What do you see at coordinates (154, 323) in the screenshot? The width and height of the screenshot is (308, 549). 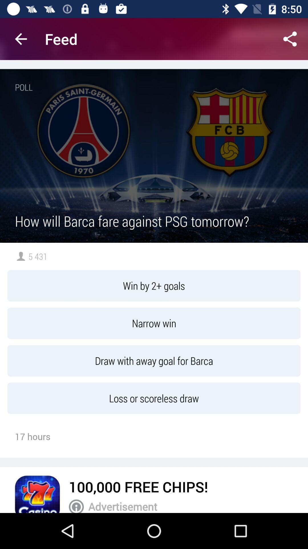 I see `icon below win by 2 item` at bounding box center [154, 323].